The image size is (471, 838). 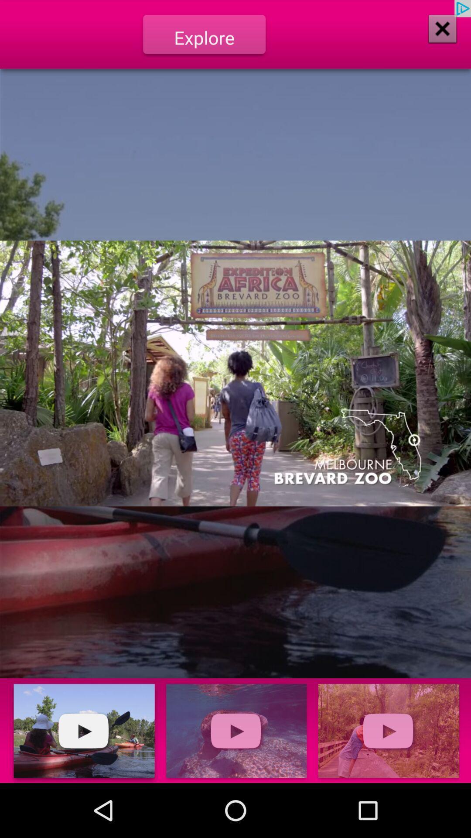 What do you see at coordinates (442, 31) in the screenshot?
I see `the close icon` at bounding box center [442, 31].